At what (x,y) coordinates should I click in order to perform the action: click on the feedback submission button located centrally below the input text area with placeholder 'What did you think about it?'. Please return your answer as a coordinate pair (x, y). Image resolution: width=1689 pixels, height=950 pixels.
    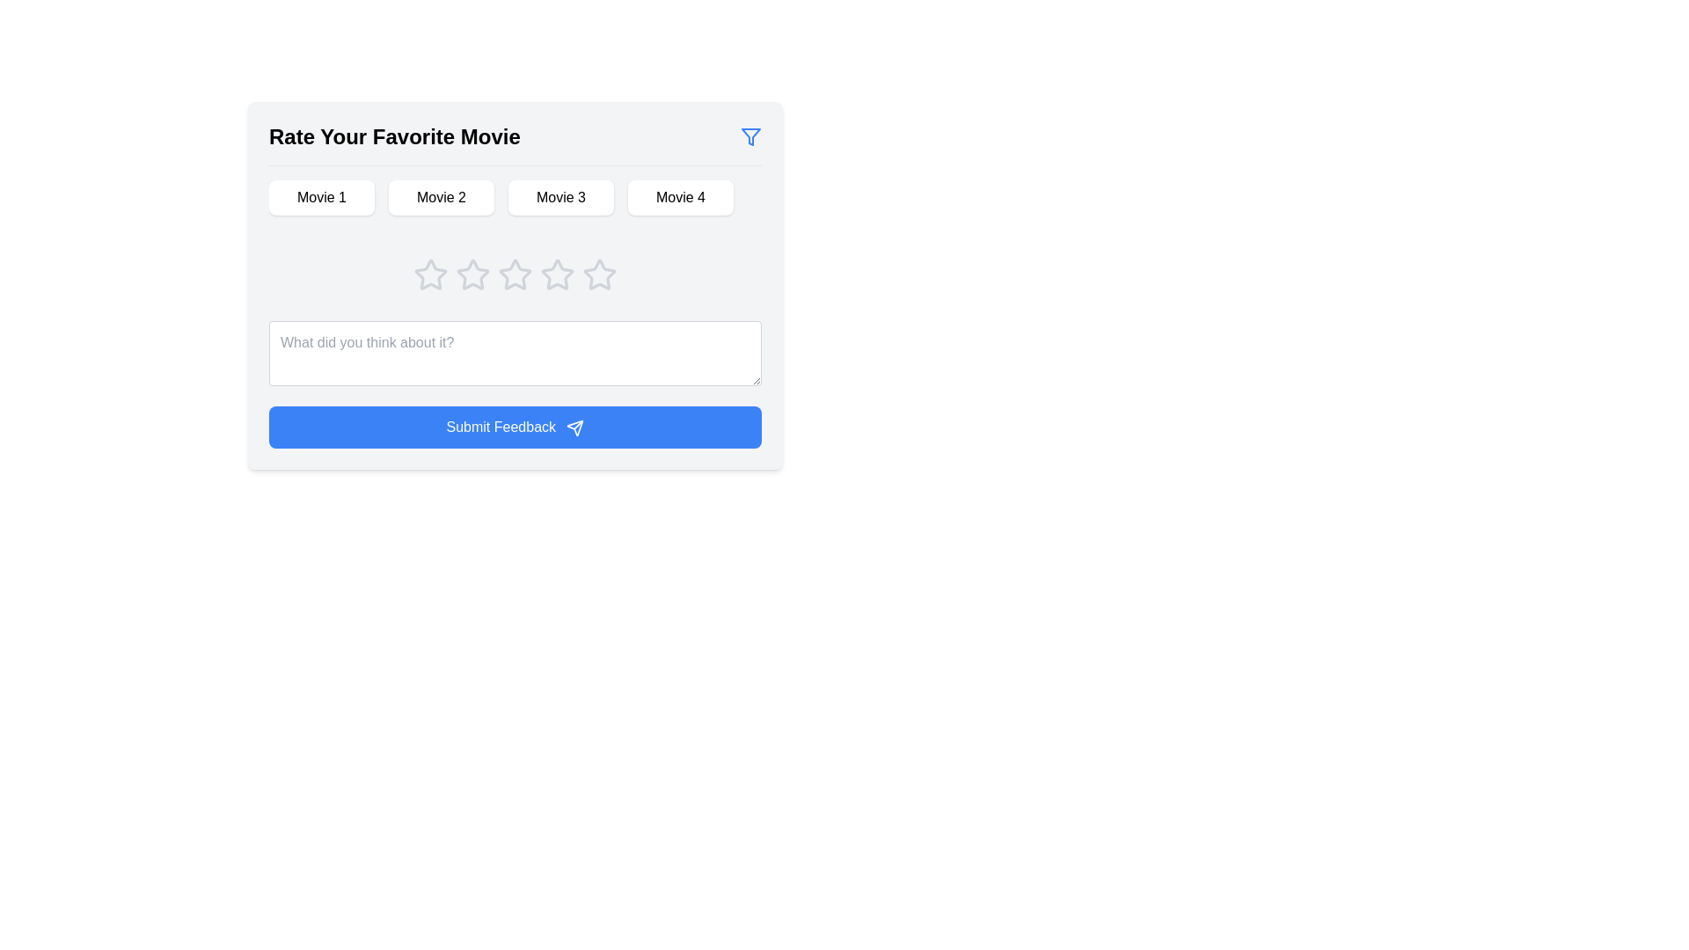
    Looking at the image, I should click on (514, 427).